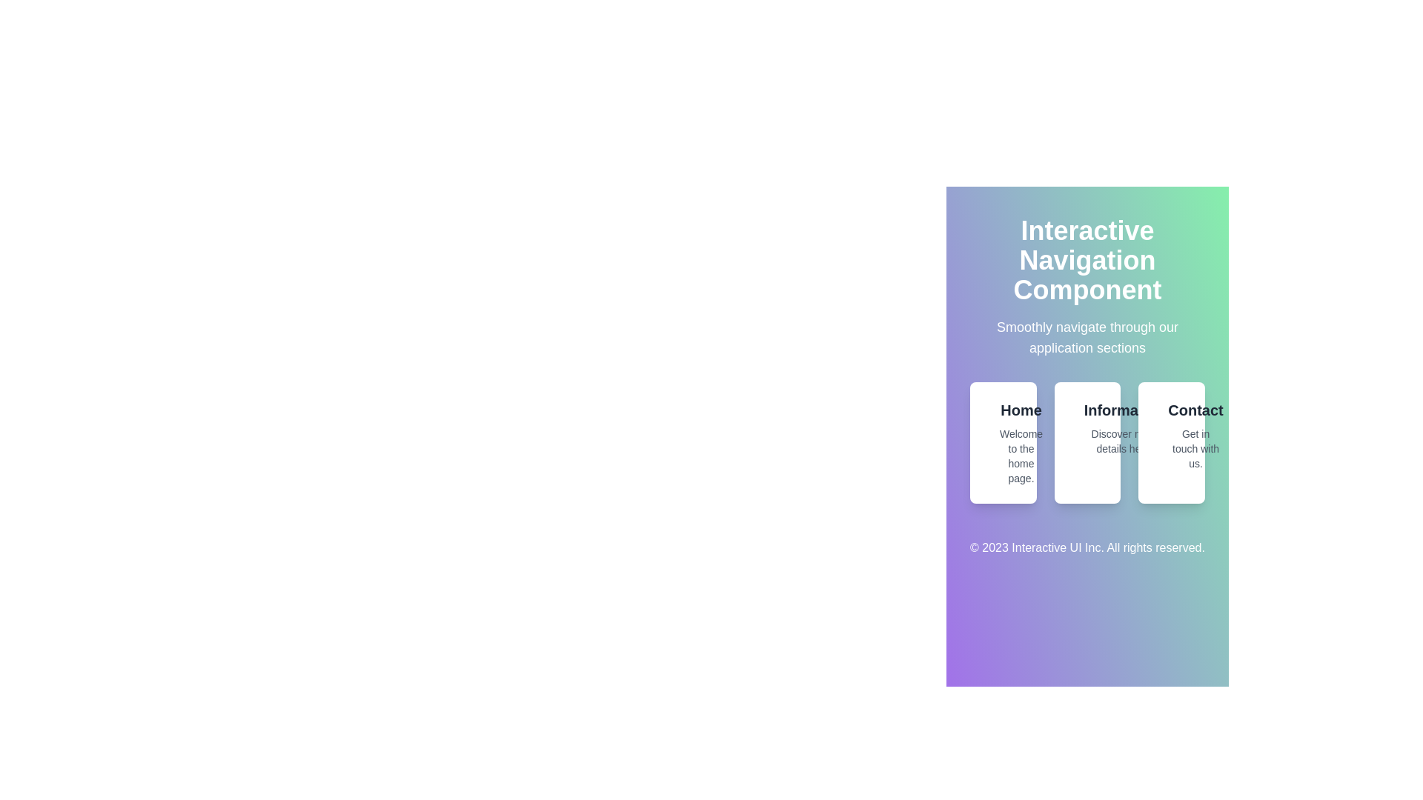 Image resolution: width=1423 pixels, height=800 pixels. What do you see at coordinates (1087, 428) in the screenshot?
I see `displayed text in the middle card of the 'Interactive Navigation Component', positioned between the 'Home' and 'Contact' cards` at bounding box center [1087, 428].